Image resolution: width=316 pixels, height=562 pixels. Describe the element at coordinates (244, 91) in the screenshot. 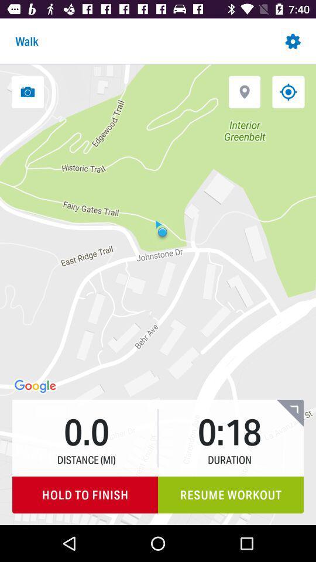

I see `mark location` at that location.